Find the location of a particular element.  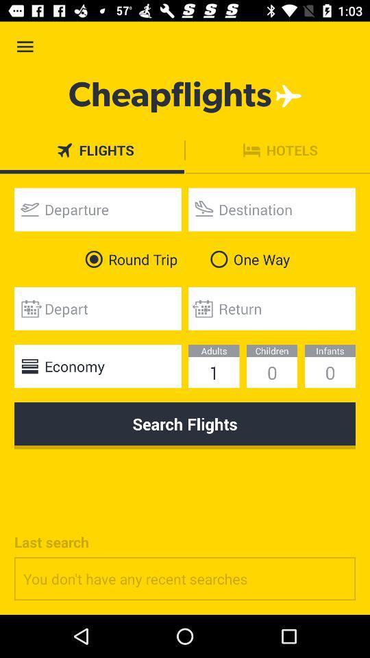

allows the user to choose where they want to travel to is located at coordinates (272, 209).